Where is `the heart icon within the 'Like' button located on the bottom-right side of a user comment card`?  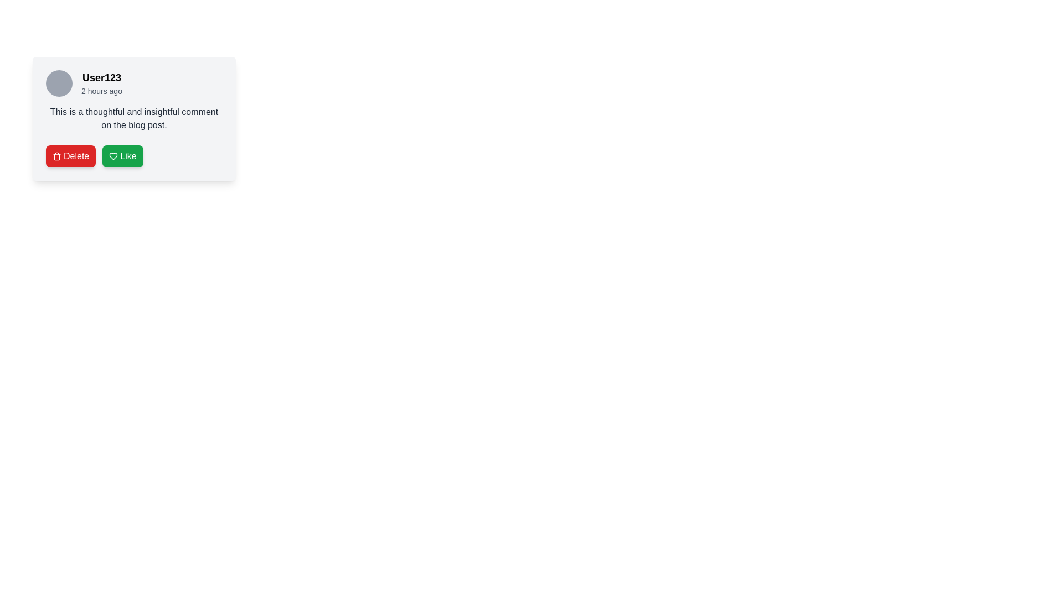
the heart icon within the 'Like' button located on the bottom-right side of a user comment card is located at coordinates (113, 156).